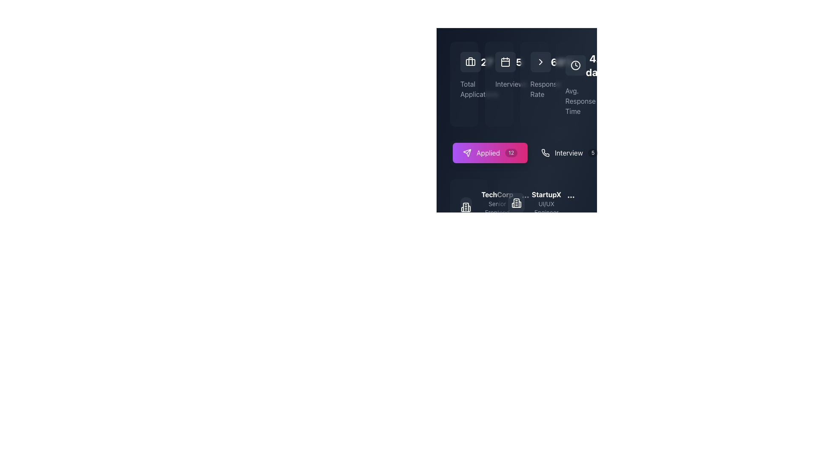 The width and height of the screenshot is (817, 459). Describe the element at coordinates (466, 207) in the screenshot. I see `the Icon component representing a building in the top-right region of the application's interface, which is part of an SVG-based building representation` at that location.